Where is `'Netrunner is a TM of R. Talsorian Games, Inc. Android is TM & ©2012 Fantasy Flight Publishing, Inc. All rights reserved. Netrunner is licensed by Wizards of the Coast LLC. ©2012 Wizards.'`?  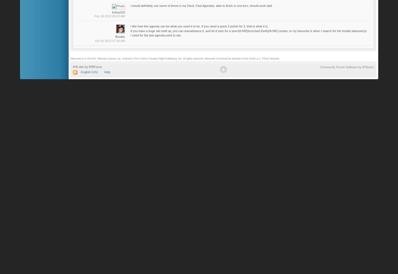 'Netrunner is a TM of R. Talsorian Games, Inc. Android is TM & ©2012 Fantasy Flight Publishing, Inc. All rights reserved. Netrunner is licensed by Wizards of the Coast LLC. ©2012 Wizards.' is located at coordinates (175, 58).